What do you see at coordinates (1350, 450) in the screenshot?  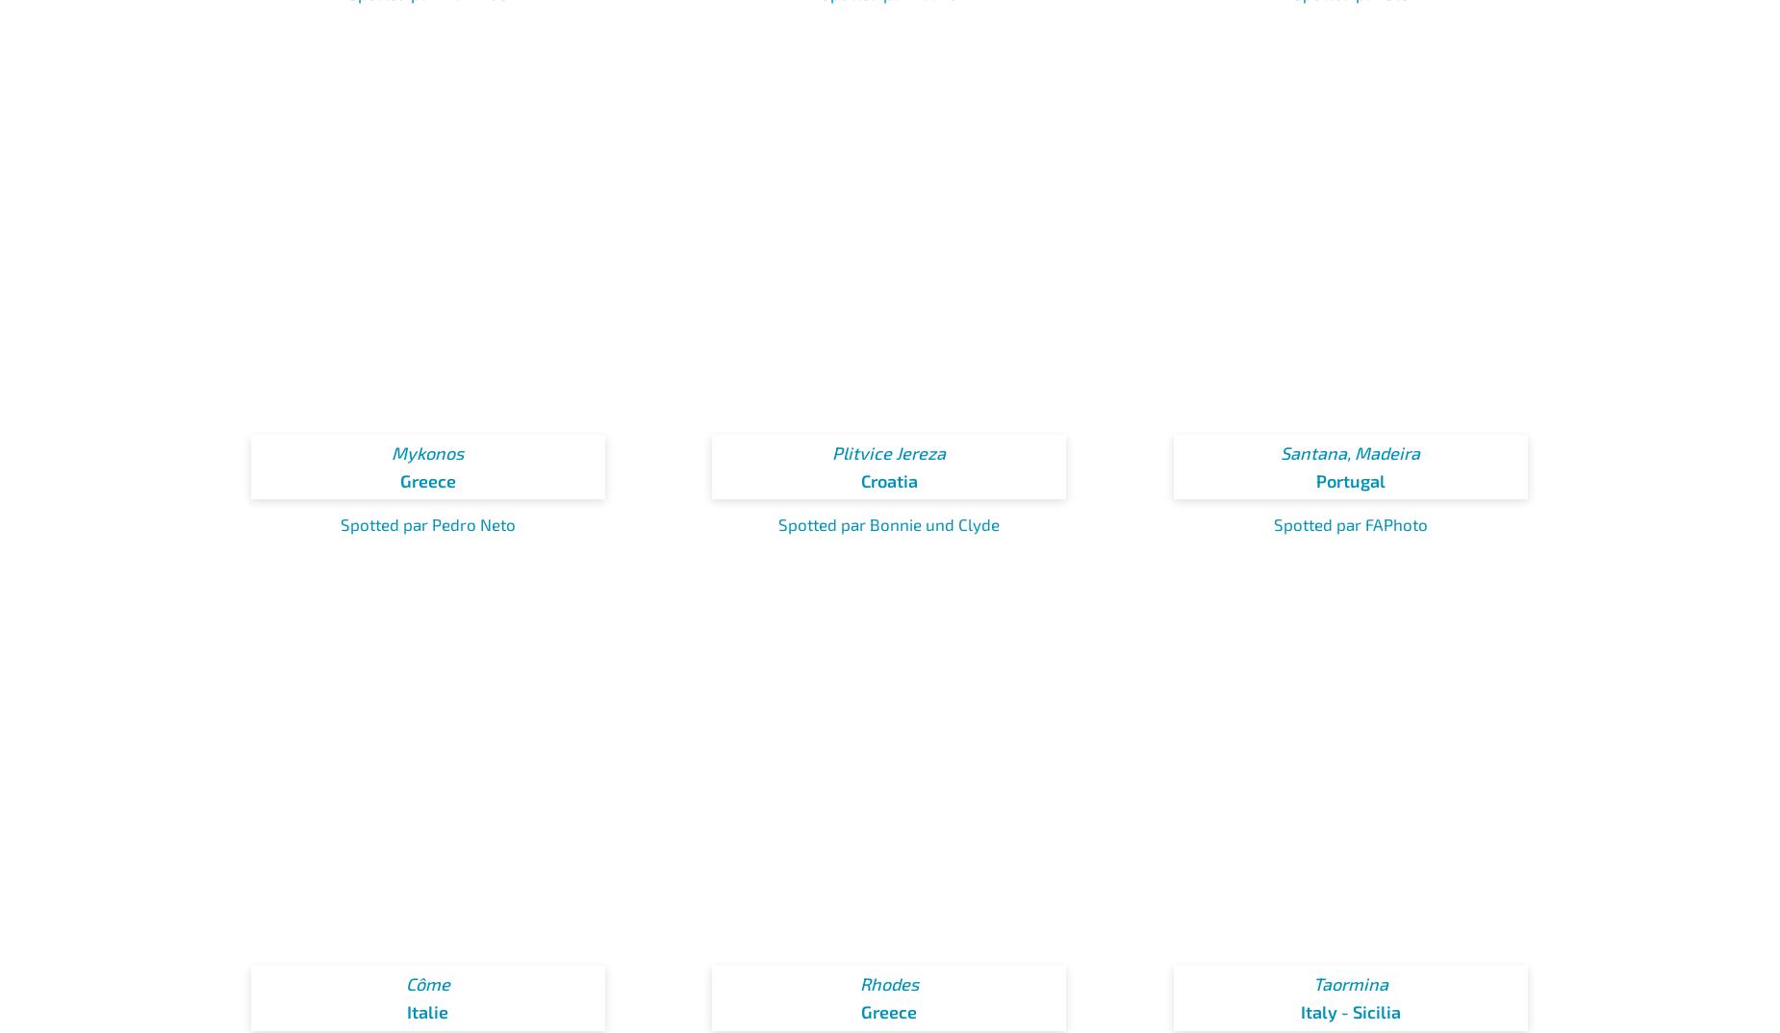 I see `'Santana, Madeira'` at bounding box center [1350, 450].